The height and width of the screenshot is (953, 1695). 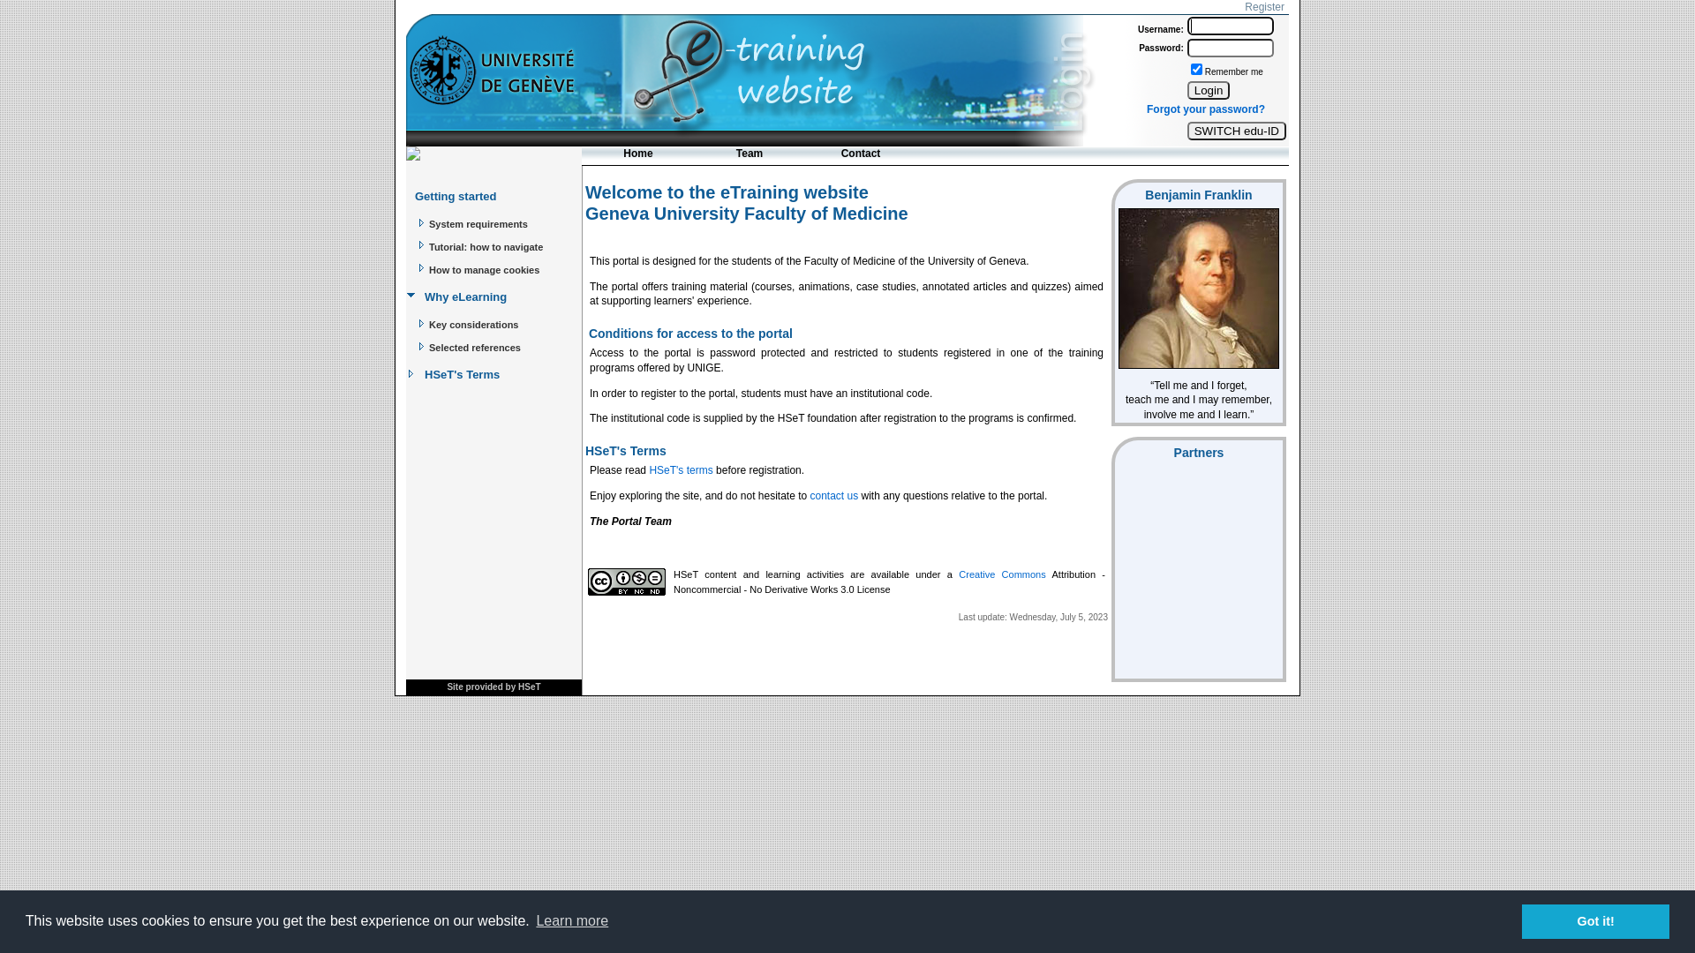 What do you see at coordinates (860, 154) in the screenshot?
I see `'Contact'` at bounding box center [860, 154].